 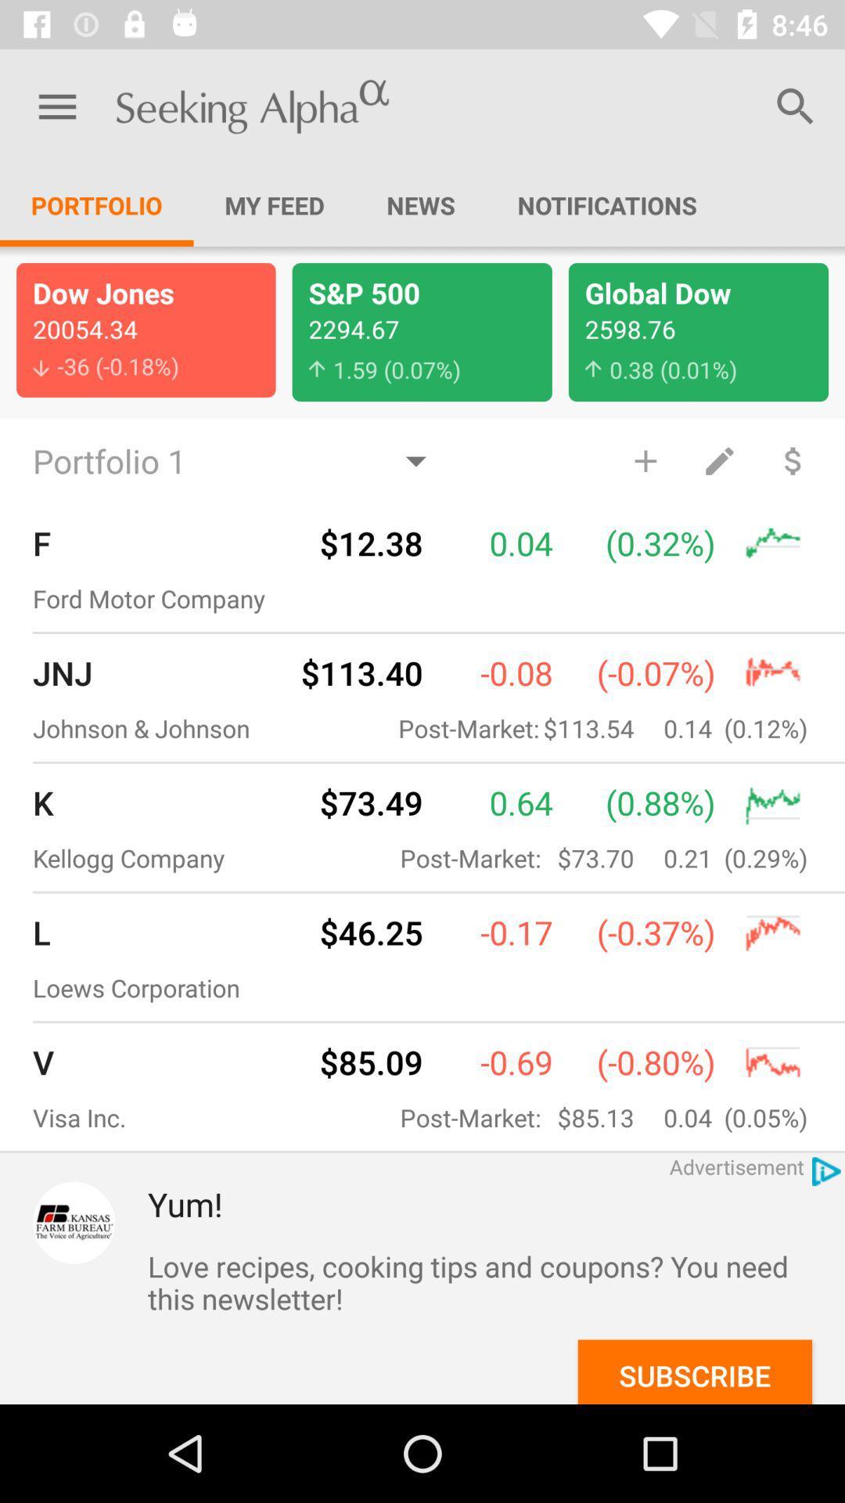 I want to click on the item next to portfolio 1 icon, so click(x=645, y=460).